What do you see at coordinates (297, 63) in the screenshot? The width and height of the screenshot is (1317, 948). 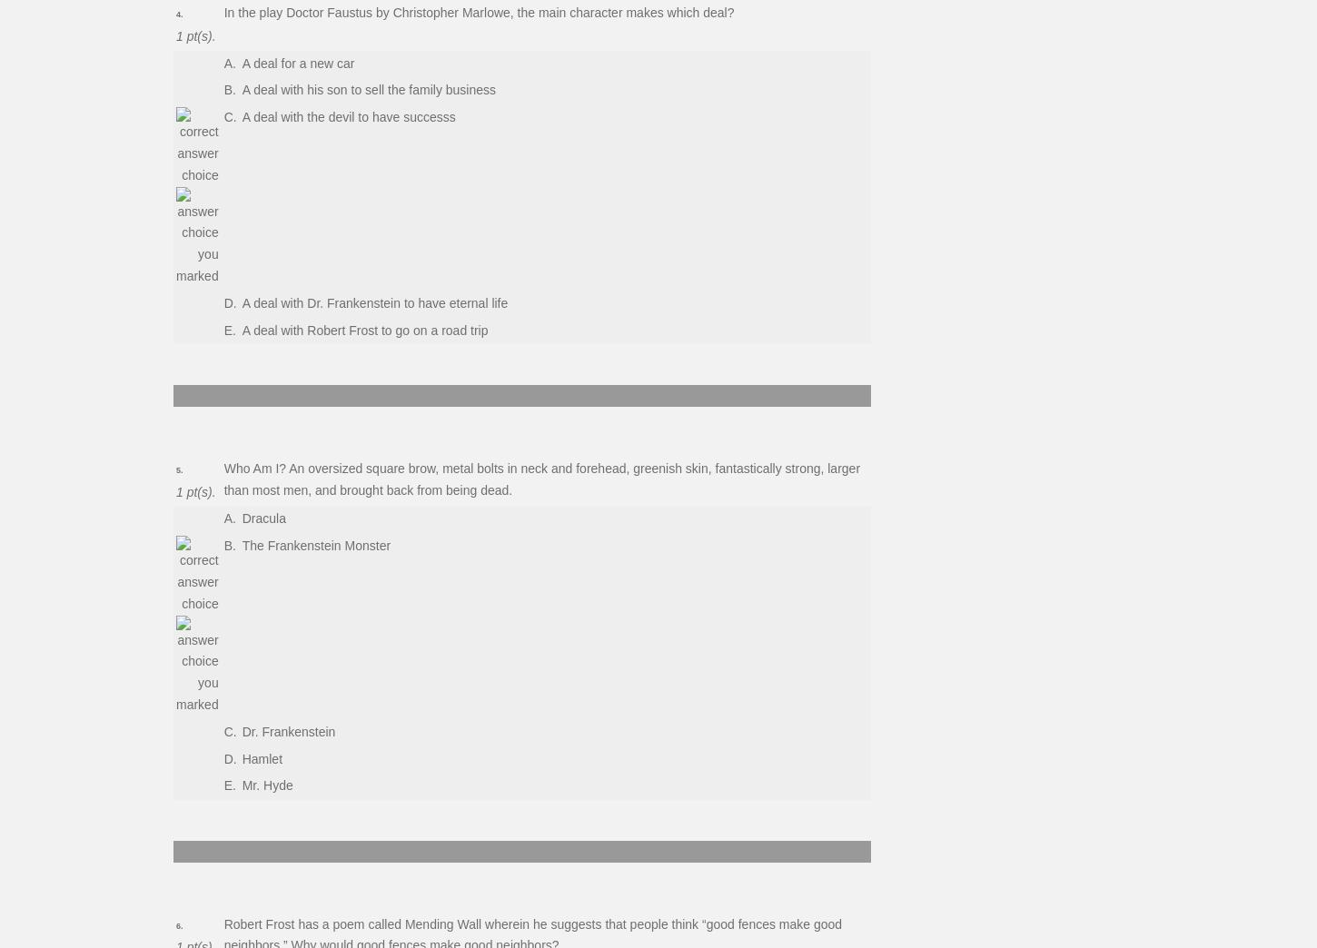 I see `'A deal for a new car'` at bounding box center [297, 63].